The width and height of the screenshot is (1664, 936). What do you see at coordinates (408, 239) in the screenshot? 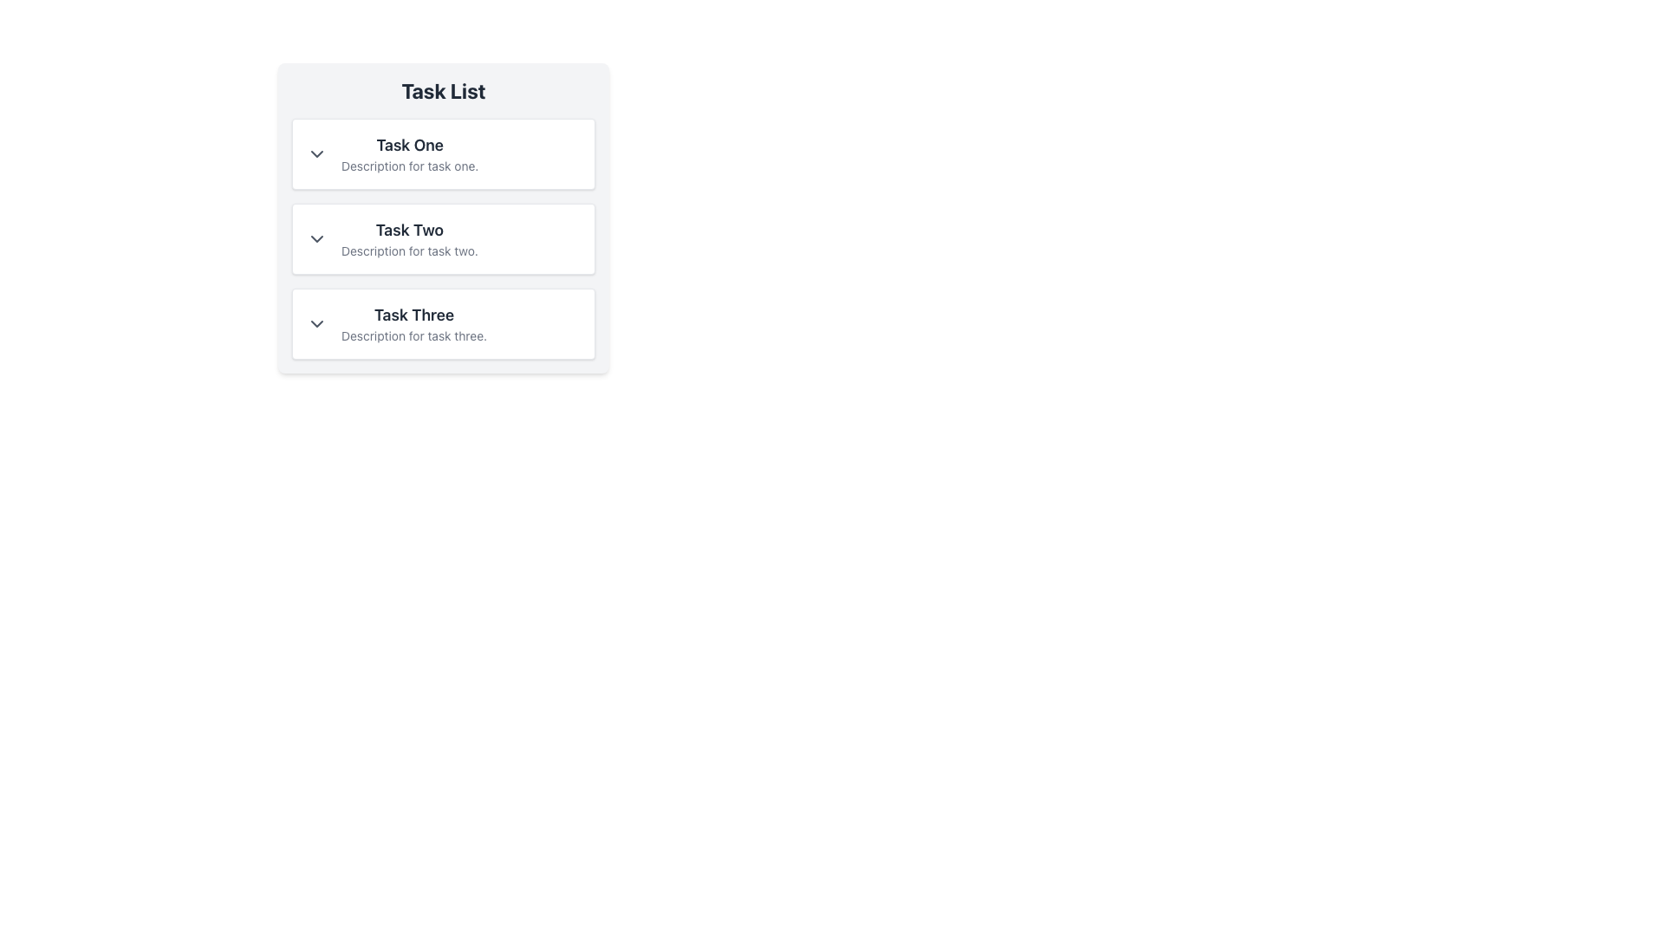
I see `description displayed in the second task entry of the 'Task List', which is located between 'Task One' and 'Task Three'` at bounding box center [408, 239].